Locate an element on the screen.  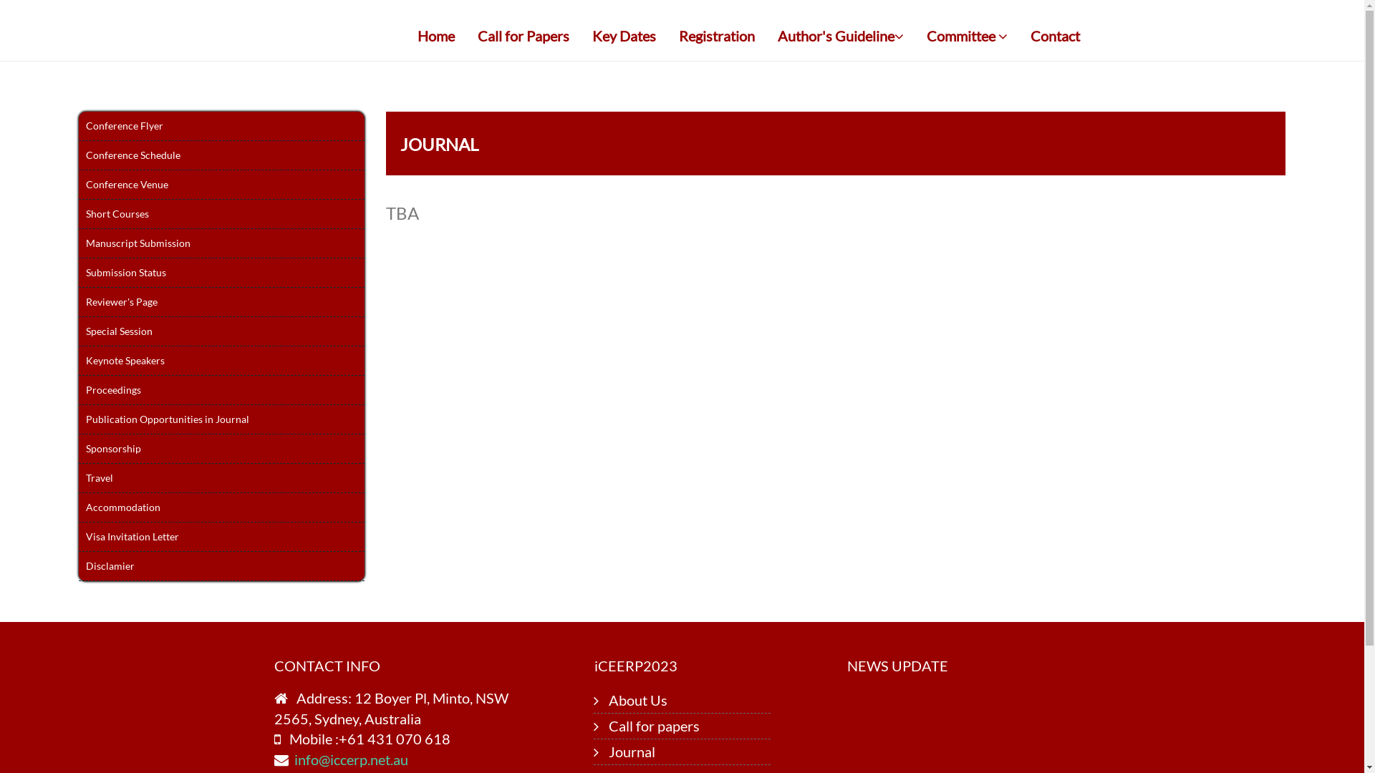
'Short Courses' is located at coordinates (221, 214).